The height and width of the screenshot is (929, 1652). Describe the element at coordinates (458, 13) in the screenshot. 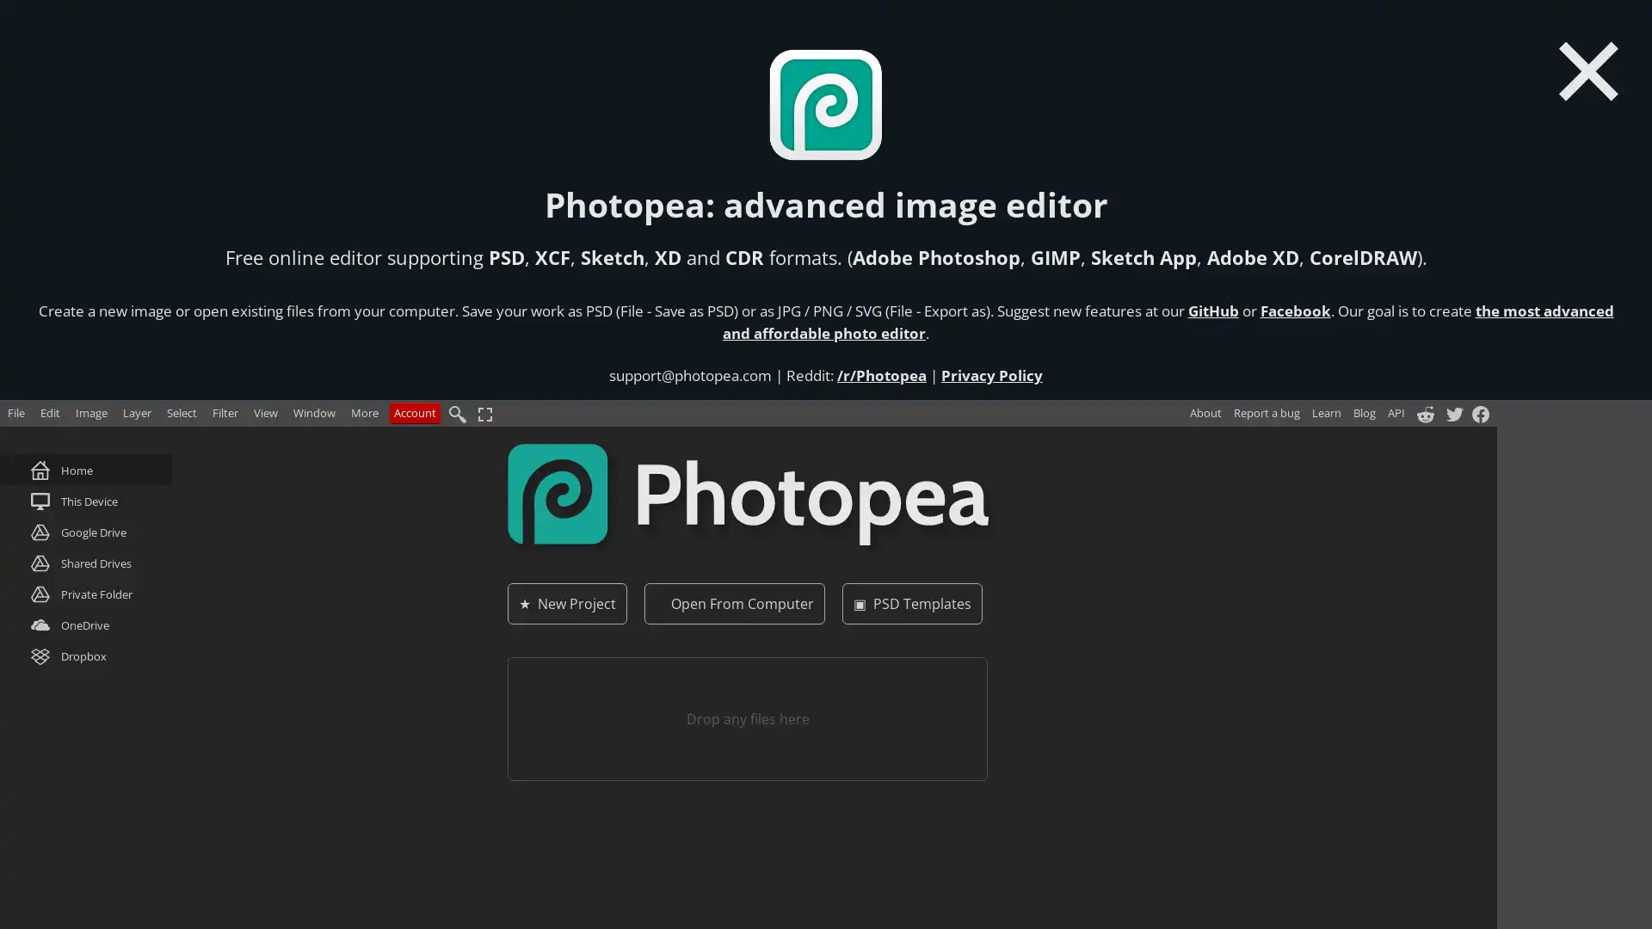

I see `Find` at that location.